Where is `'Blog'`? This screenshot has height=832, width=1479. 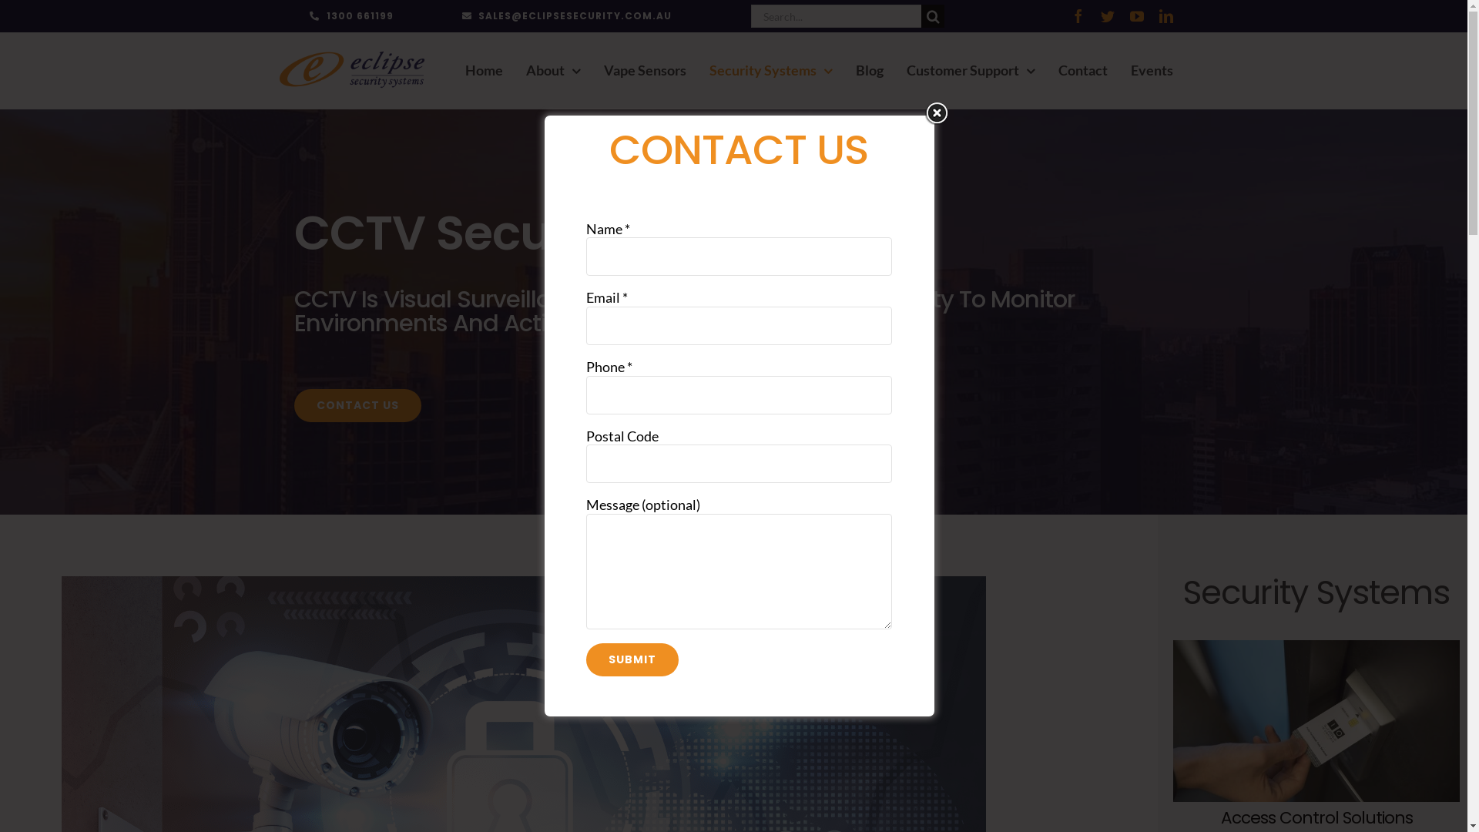
'Blog' is located at coordinates (854, 71).